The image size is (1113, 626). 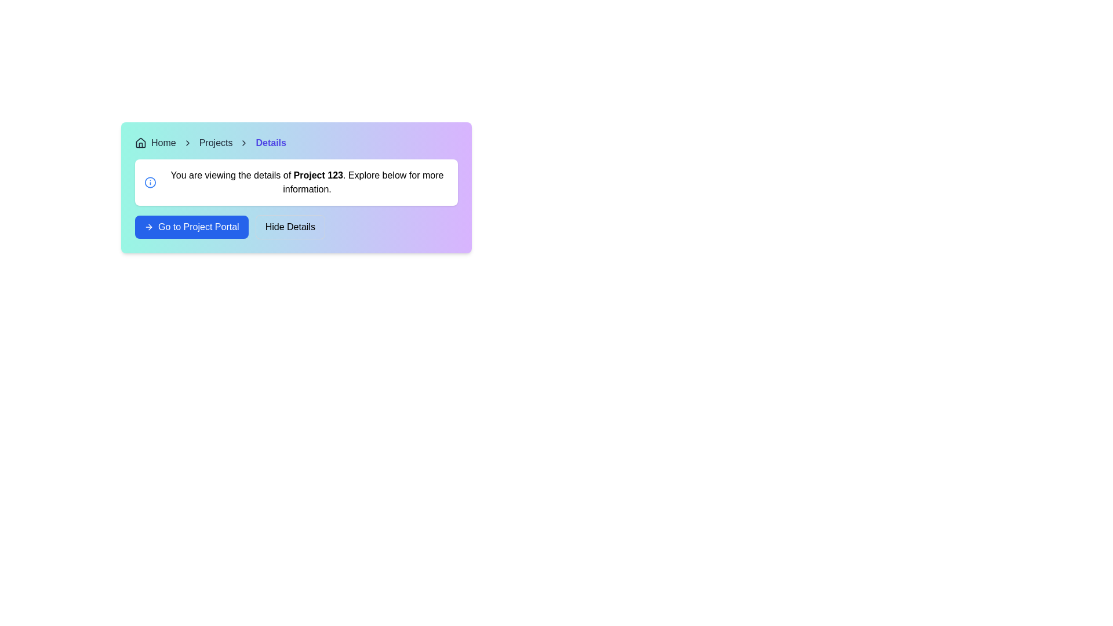 What do you see at coordinates (318, 175) in the screenshot?
I see `the inline text element that contains 'Project 123', which is styled in bold and located within the sentence 'You are viewing the details of Project 123.'` at bounding box center [318, 175].